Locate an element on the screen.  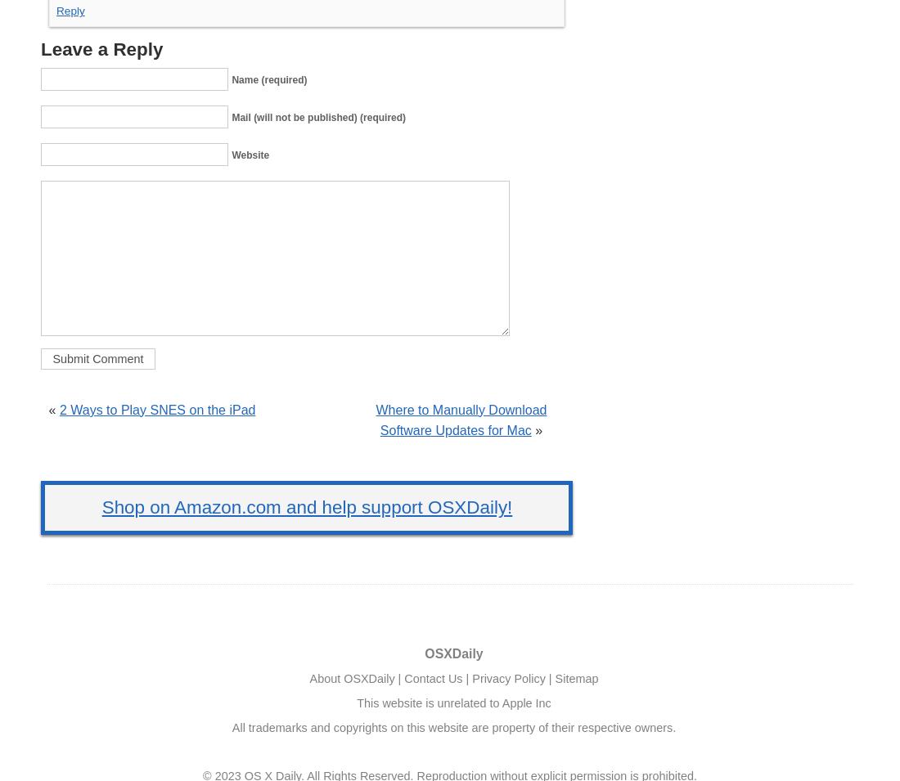
'This website is unrelated to Apple Inc' is located at coordinates (452, 702).